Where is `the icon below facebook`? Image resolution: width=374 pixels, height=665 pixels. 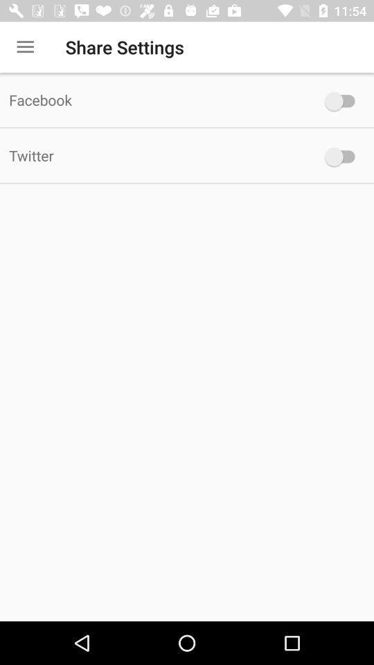
the icon below facebook is located at coordinates (155, 155).